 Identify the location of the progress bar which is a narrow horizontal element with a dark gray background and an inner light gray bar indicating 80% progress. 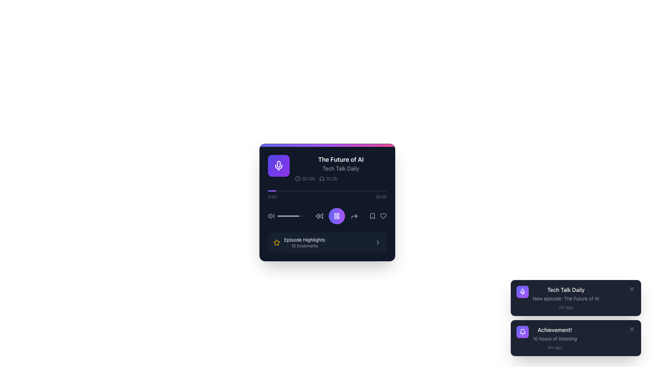
(291, 216).